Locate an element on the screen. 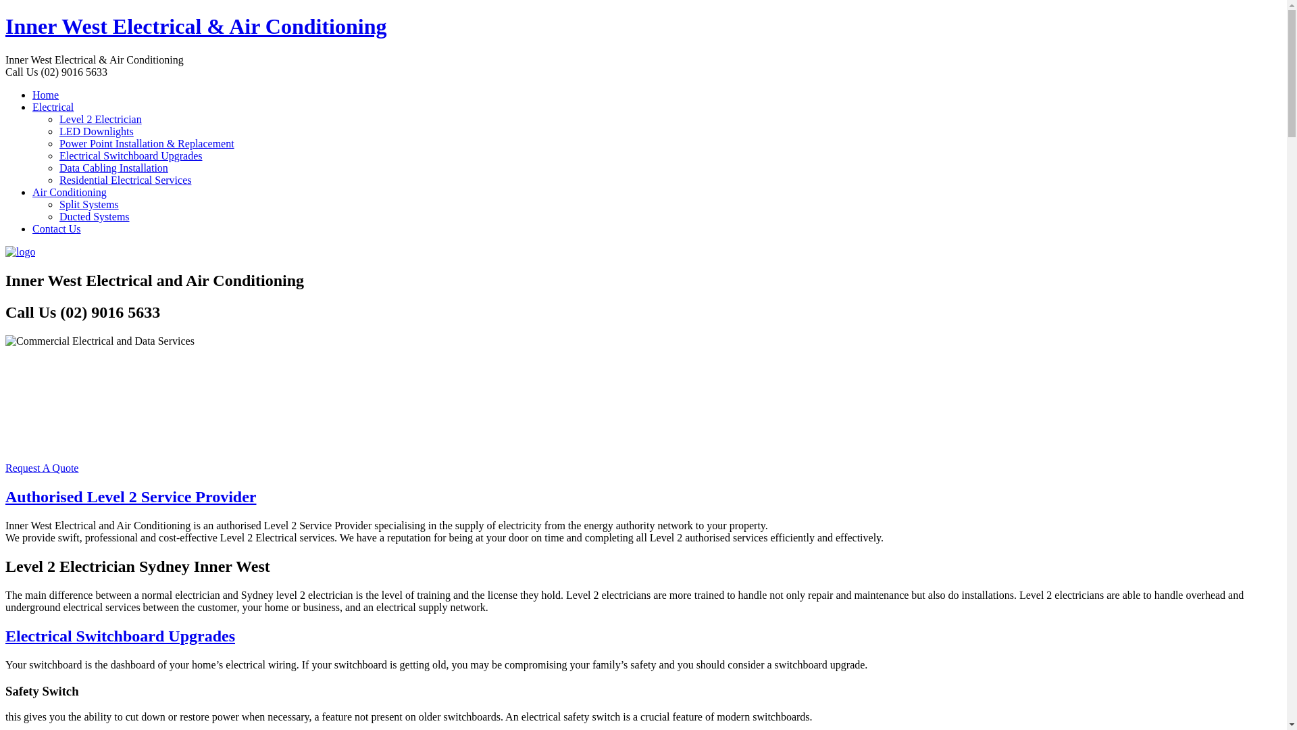 The image size is (1297, 730). 'Inner West Electrical & Air Conditioning' is located at coordinates (195, 26).